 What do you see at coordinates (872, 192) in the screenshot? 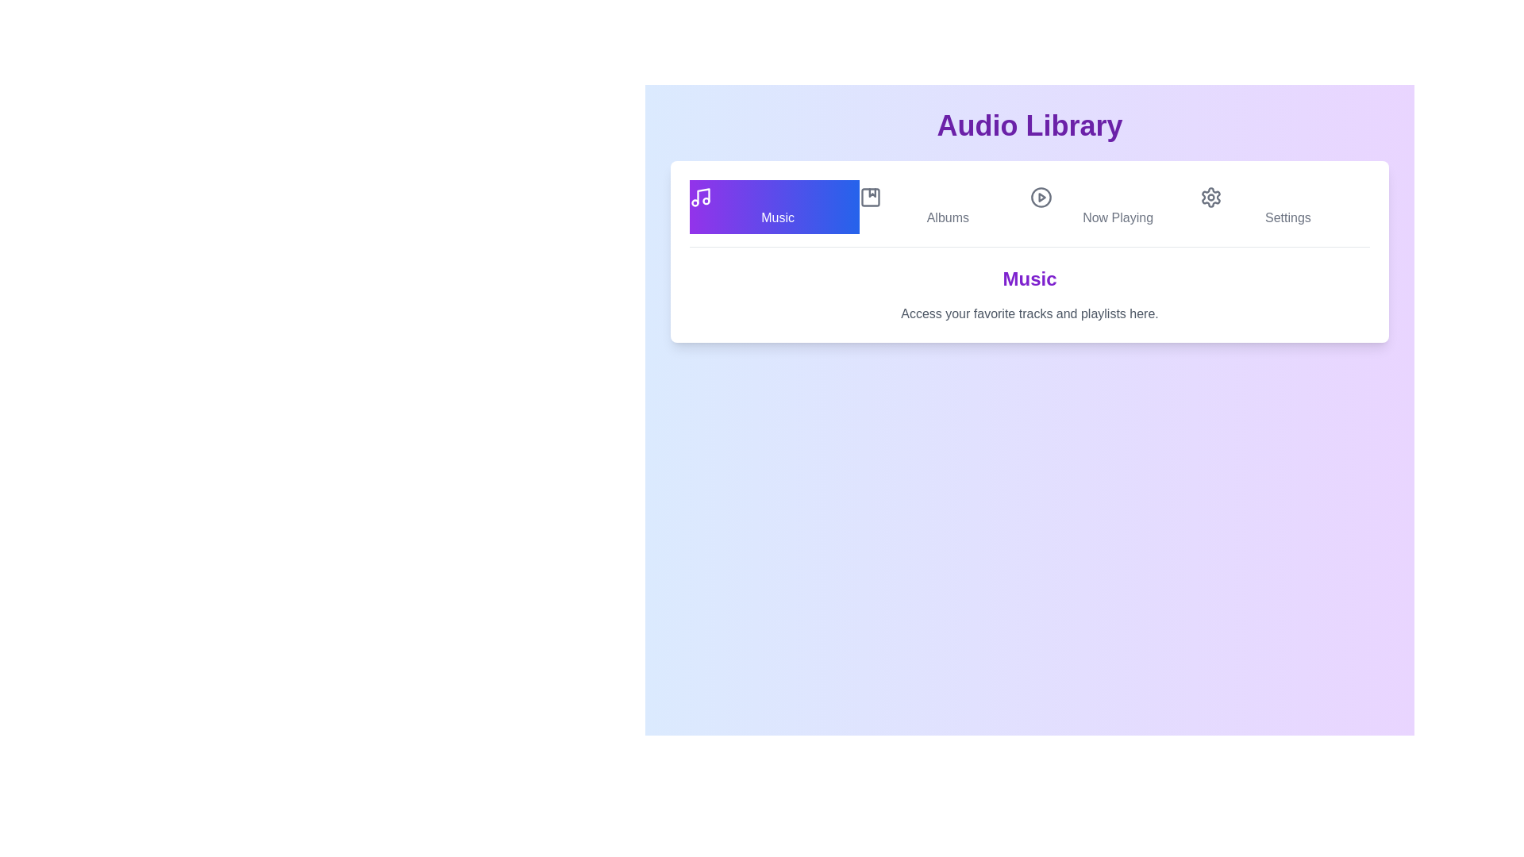
I see `the triangular shape icon located inside the album symbol` at bounding box center [872, 192].